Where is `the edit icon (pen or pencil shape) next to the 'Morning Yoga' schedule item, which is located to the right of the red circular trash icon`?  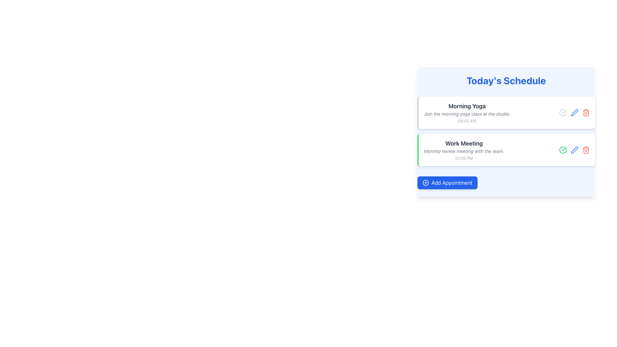 the edit icon (pen or pencil shape) next to the 'Morning Yoga' schedule item, which is located to the right of the red circular trash icon is located at coordinates (575, 150).